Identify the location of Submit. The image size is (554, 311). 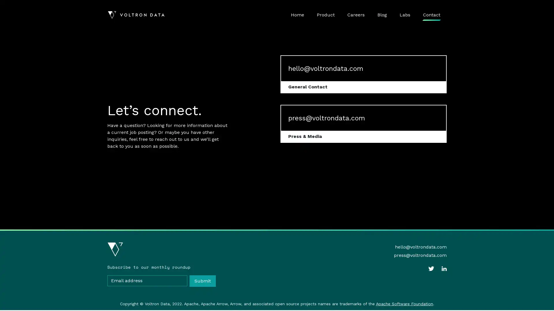
(202, 280).